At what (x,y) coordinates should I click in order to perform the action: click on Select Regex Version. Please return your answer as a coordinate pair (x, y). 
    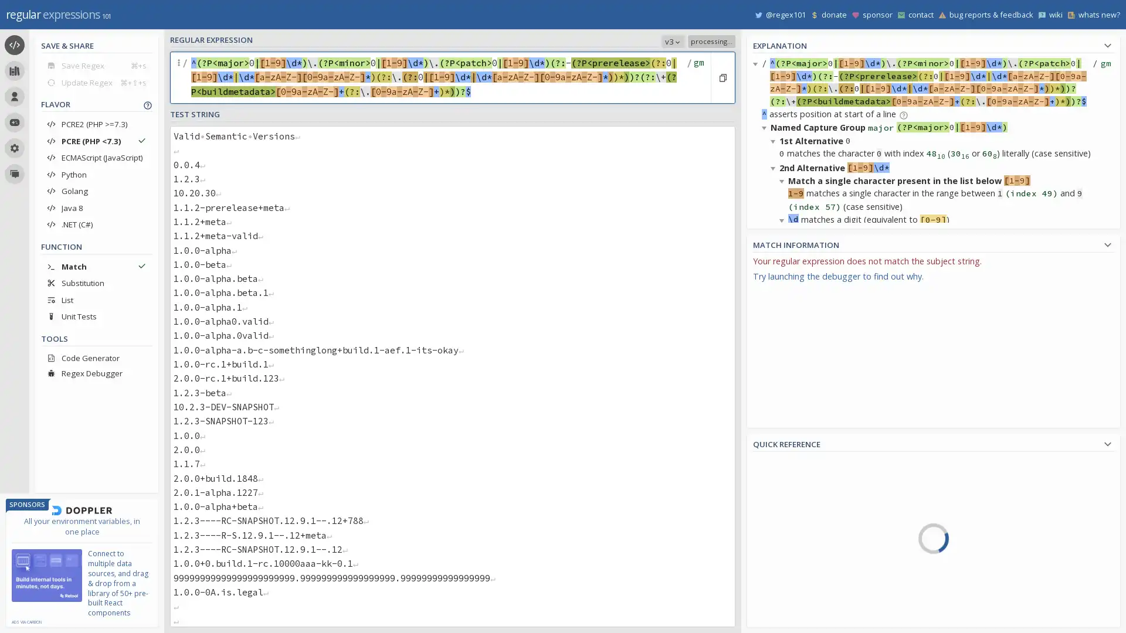
    Looking at the image, I should click on (602, 40).